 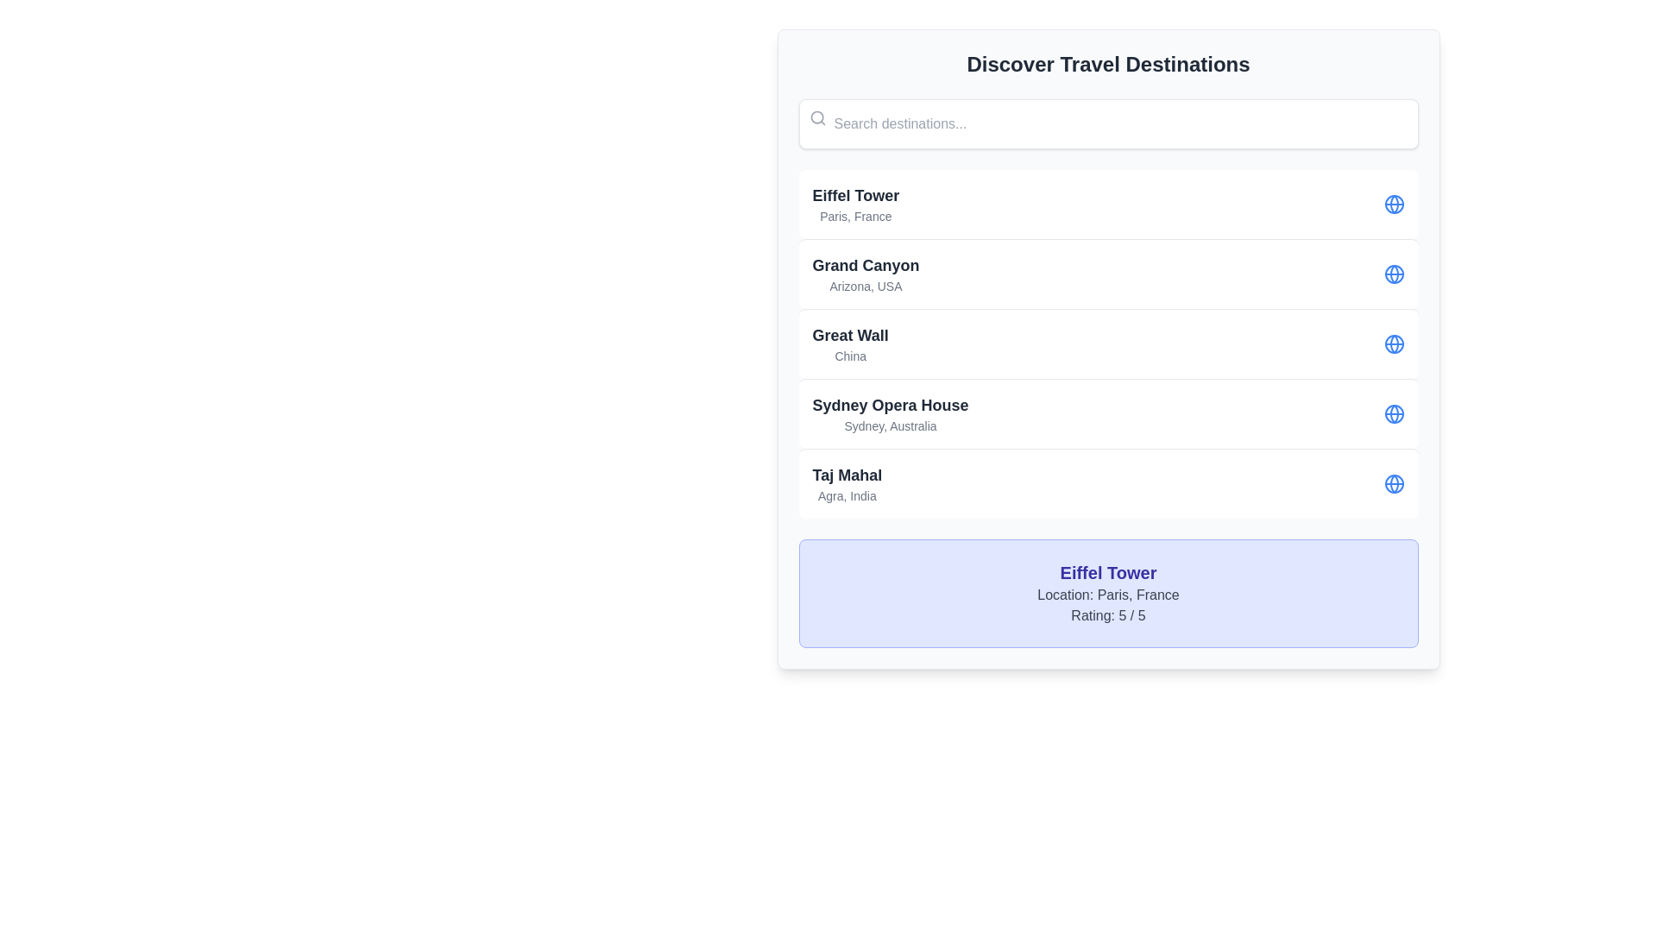 What do you see at coordinates (850, 355) in the screenshot?
I see `the static text label that shows the location or country associated with 'Great Wall', which is centrally positioned under the main label within the third entry of the list of destinations` at bounding box center [850, 355].